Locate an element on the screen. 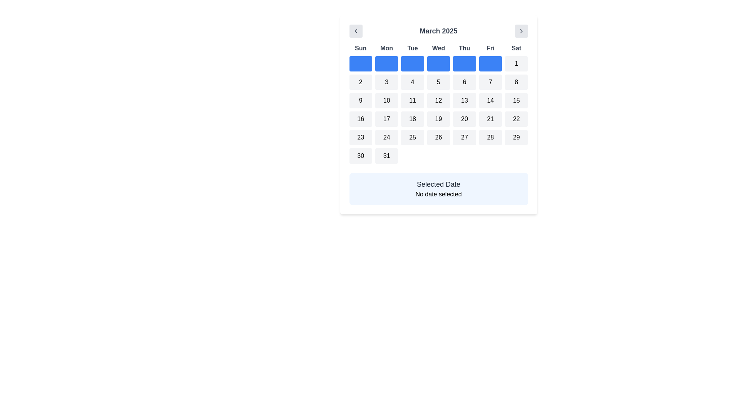 The image size is (739, 415). the text label that reads 'No date selected', which is positioned within a light blue box labeled 'Selected Date' is located at coordinates (438, 194).